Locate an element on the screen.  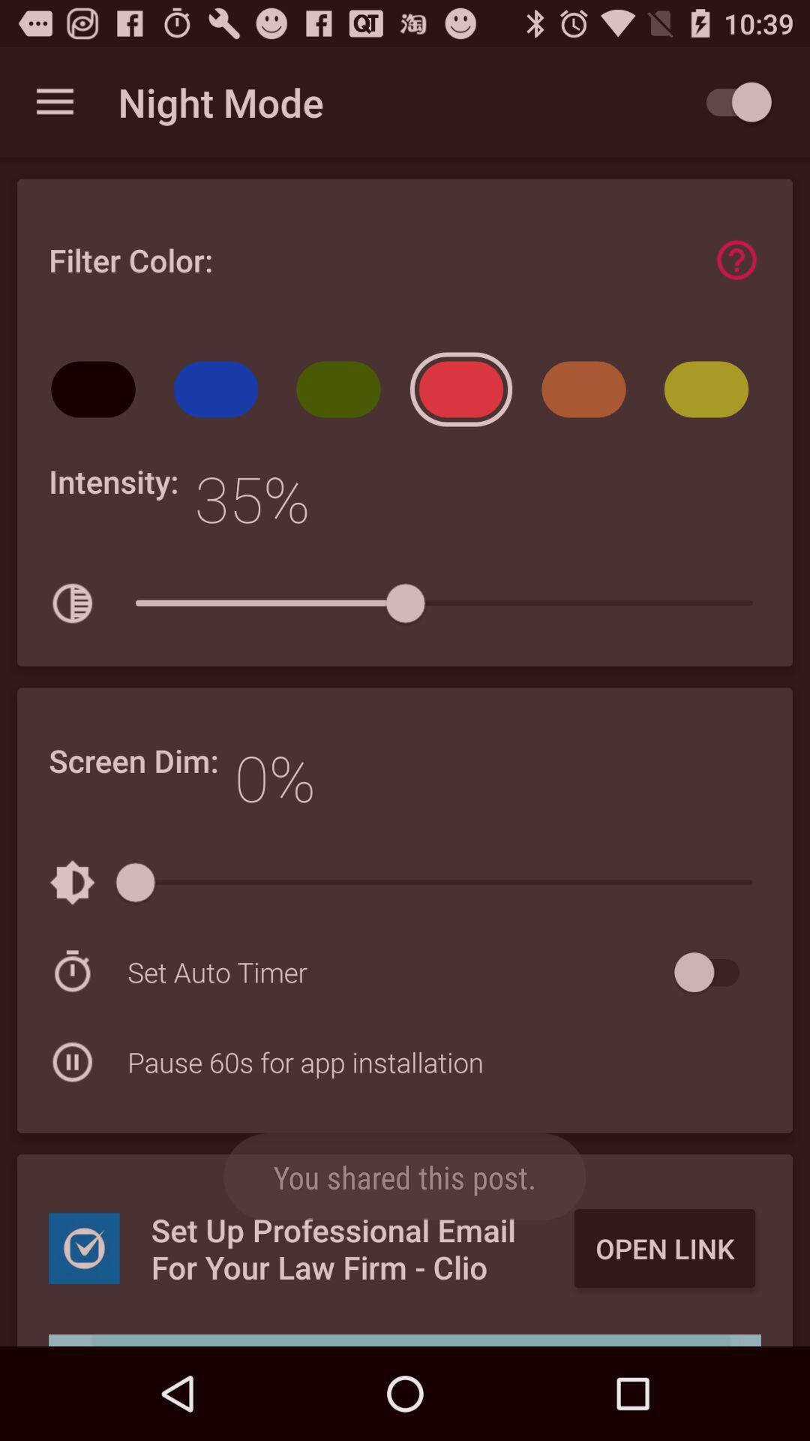
help page is located at coordinates (736, 260).